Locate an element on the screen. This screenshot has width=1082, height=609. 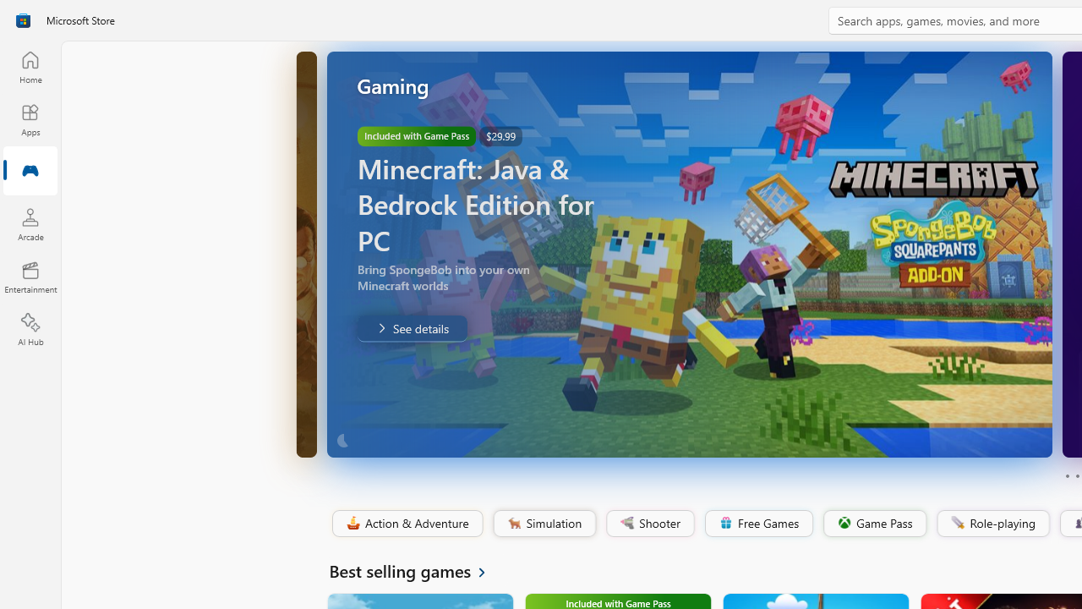
'Shooter' is located at coordinates (648, 523).